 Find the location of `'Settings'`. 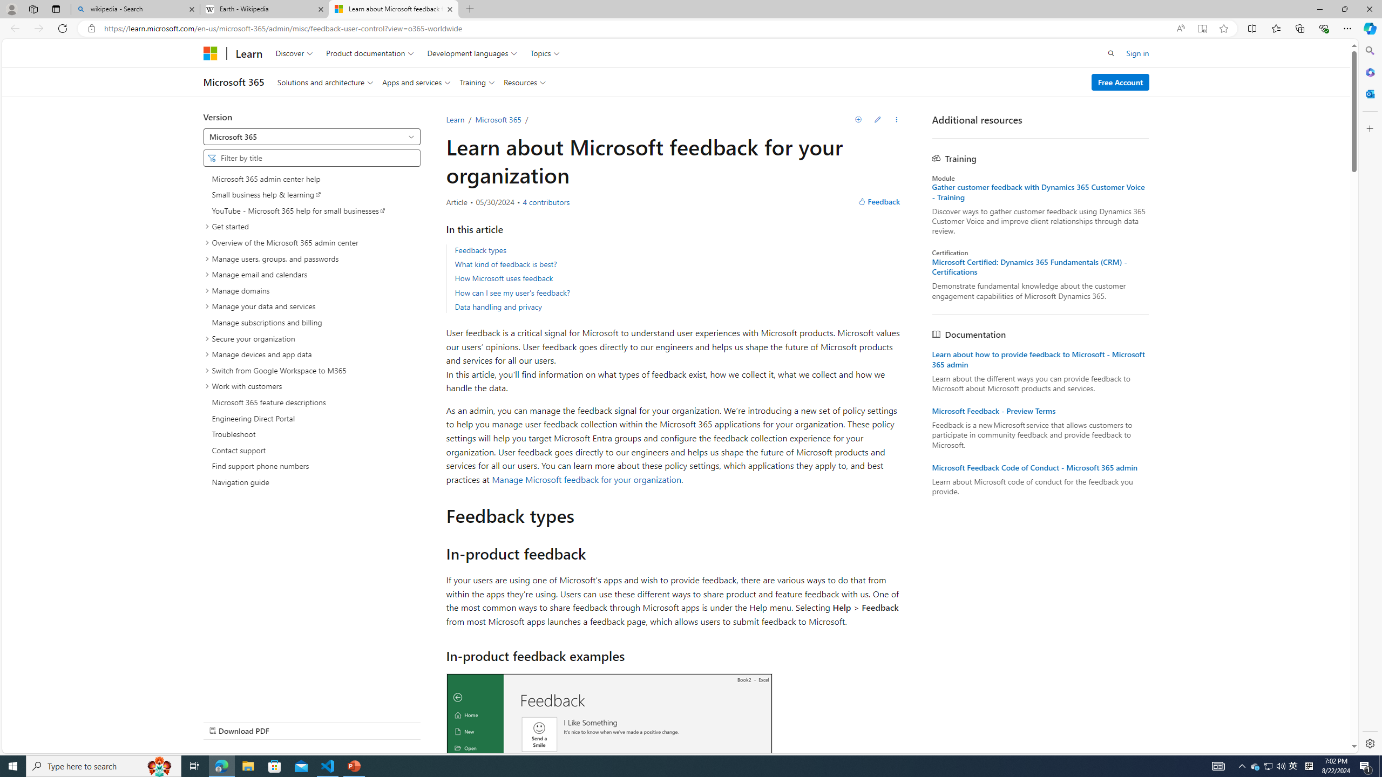

'Settings' is located at coordinates (1369, 742).